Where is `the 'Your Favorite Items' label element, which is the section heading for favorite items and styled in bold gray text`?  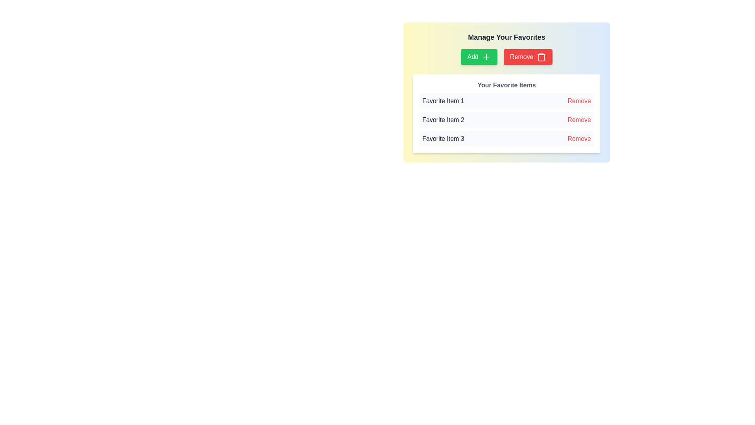
the 'Your Favorite Items' label element, which is the section heading for favorite items and styled in bold gray text is located at coordinates (506, 85).